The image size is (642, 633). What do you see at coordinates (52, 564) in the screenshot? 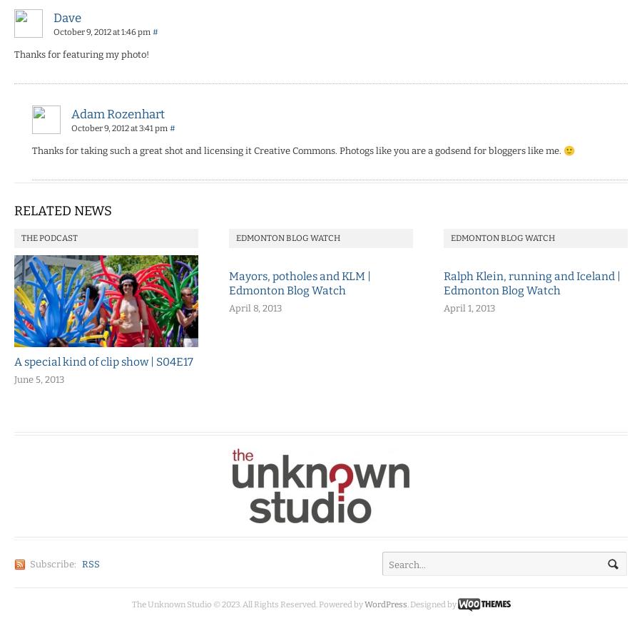
I see `'Subscribe:'` at bounding box center [52, 564].